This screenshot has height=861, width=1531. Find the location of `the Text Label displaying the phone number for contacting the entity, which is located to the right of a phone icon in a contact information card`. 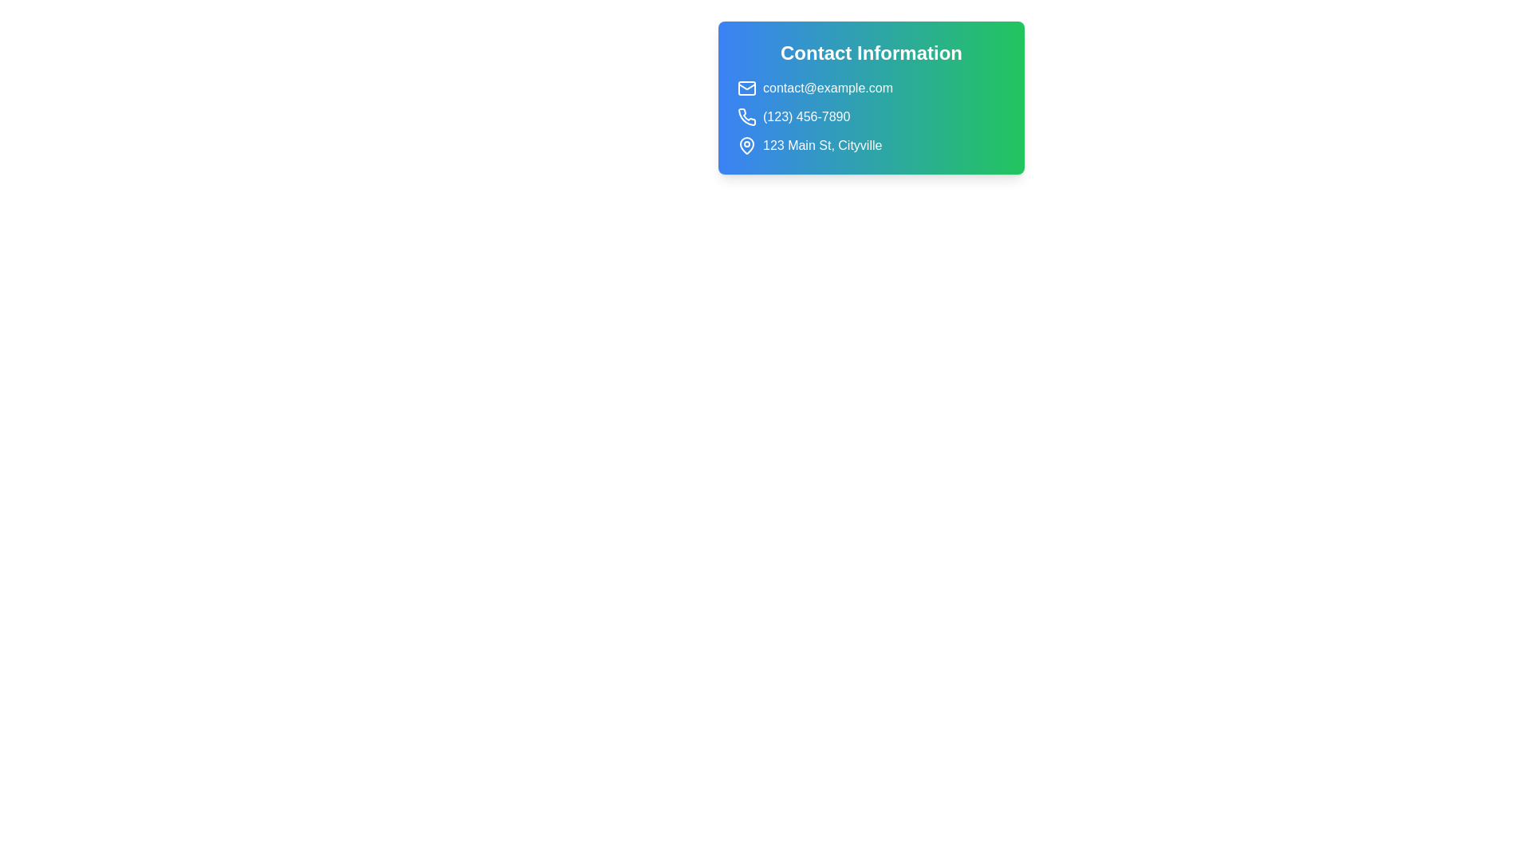

the Text Label displaying the phone number for contacting the entity, which is located to the right of a phone icon in a contact information card is located at coordinates (806, 116).